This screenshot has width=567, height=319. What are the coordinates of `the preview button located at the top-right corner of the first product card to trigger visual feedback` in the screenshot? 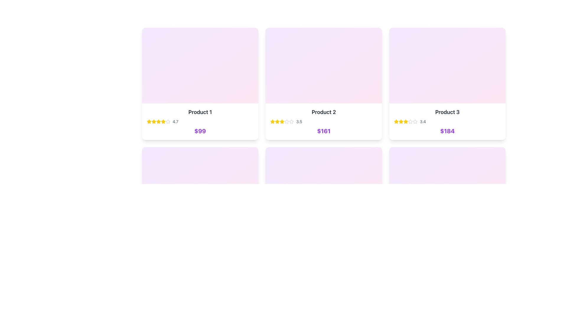 It's located at (250, 36).